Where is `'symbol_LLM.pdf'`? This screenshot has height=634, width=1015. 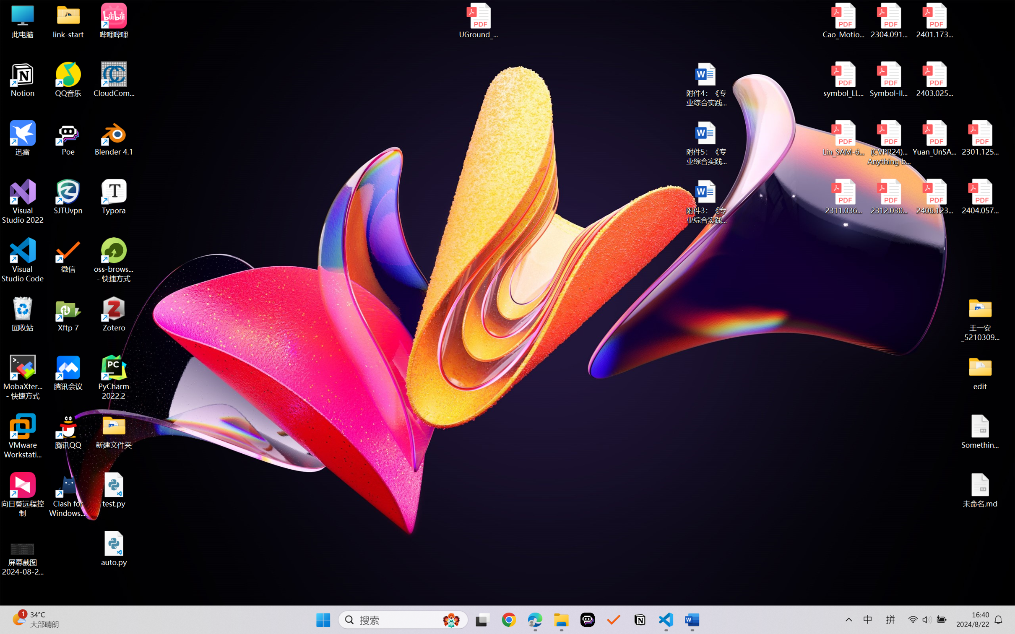
'symbol_LLM.pdf' is located at coordinates (843, 80).